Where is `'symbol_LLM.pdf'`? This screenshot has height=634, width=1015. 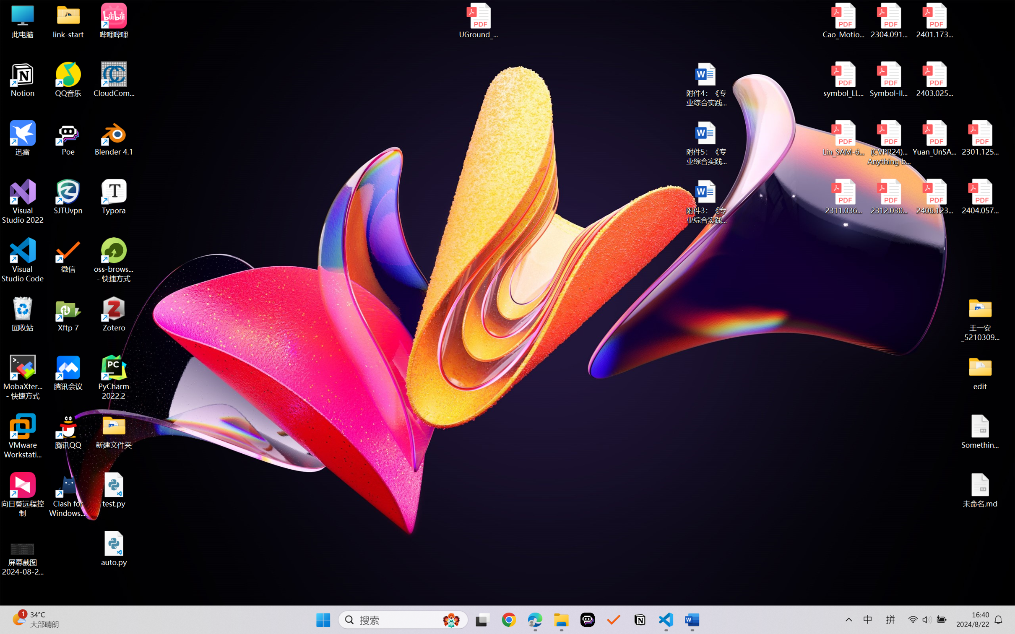
'symbol_LLM.pdf' is located at coordinates (843, 80).